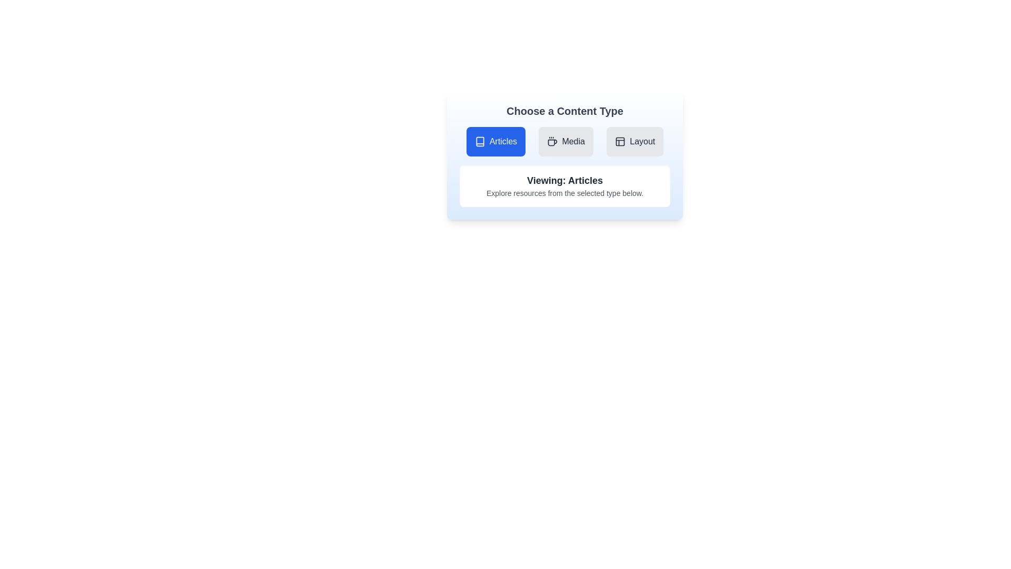  I want to click on the text label that displays 'Choose a Content Type', which is styled in bold and positioned above the button group, so click(564, 111).